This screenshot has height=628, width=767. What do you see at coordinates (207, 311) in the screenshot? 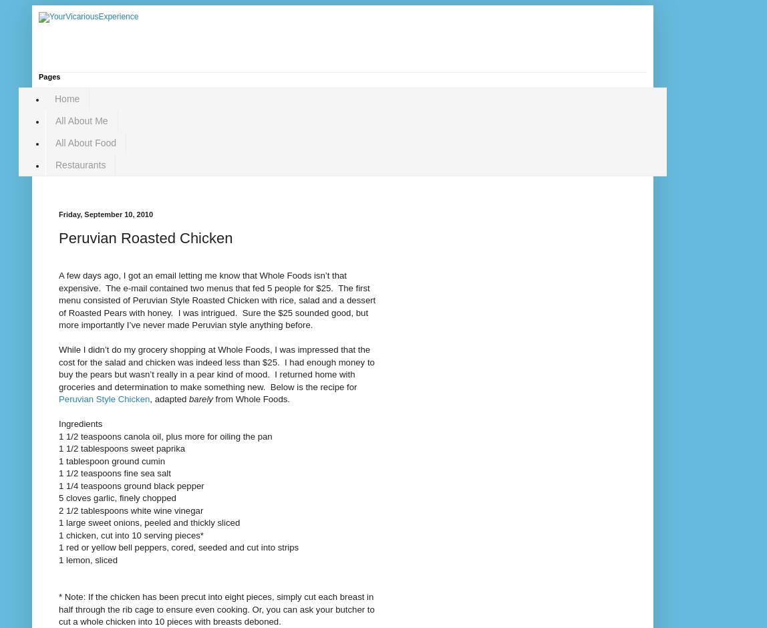
I see `'I was intrigued.'` at bounding box center [207, 311].